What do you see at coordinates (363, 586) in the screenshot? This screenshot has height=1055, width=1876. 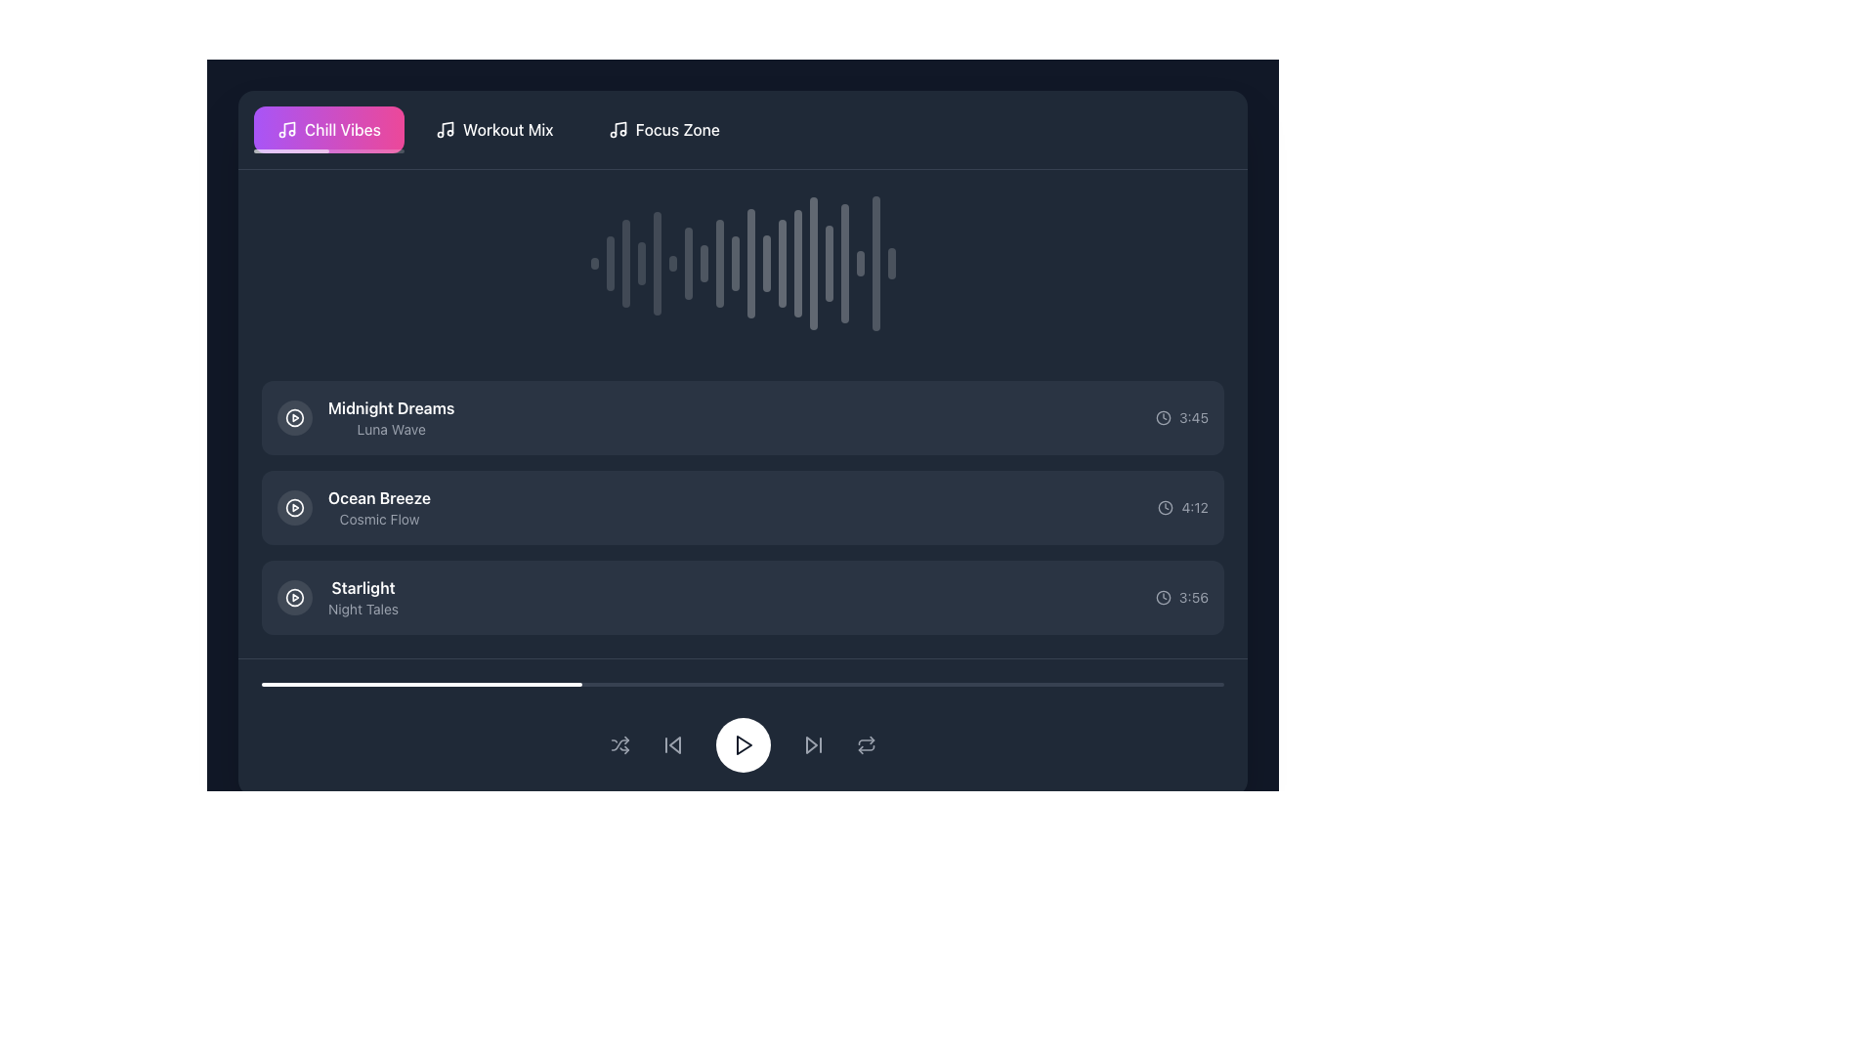 I see `the Text Label that serves as a title for an audio track, located above the 'Night Tales' text in the bottom audio track section` at bounding box center [363, 586].